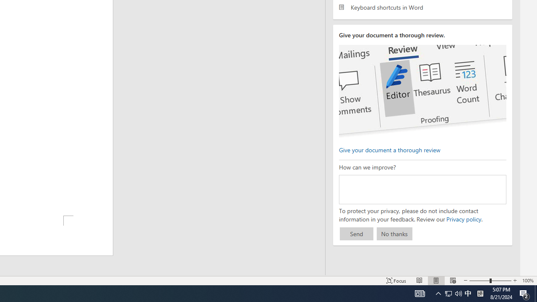 Image resolution: width=537 pixels, height=302 pixels. Describe the element at coordinates (480, 281) in the screenshot. I see `'Zoom Out'` at that location.